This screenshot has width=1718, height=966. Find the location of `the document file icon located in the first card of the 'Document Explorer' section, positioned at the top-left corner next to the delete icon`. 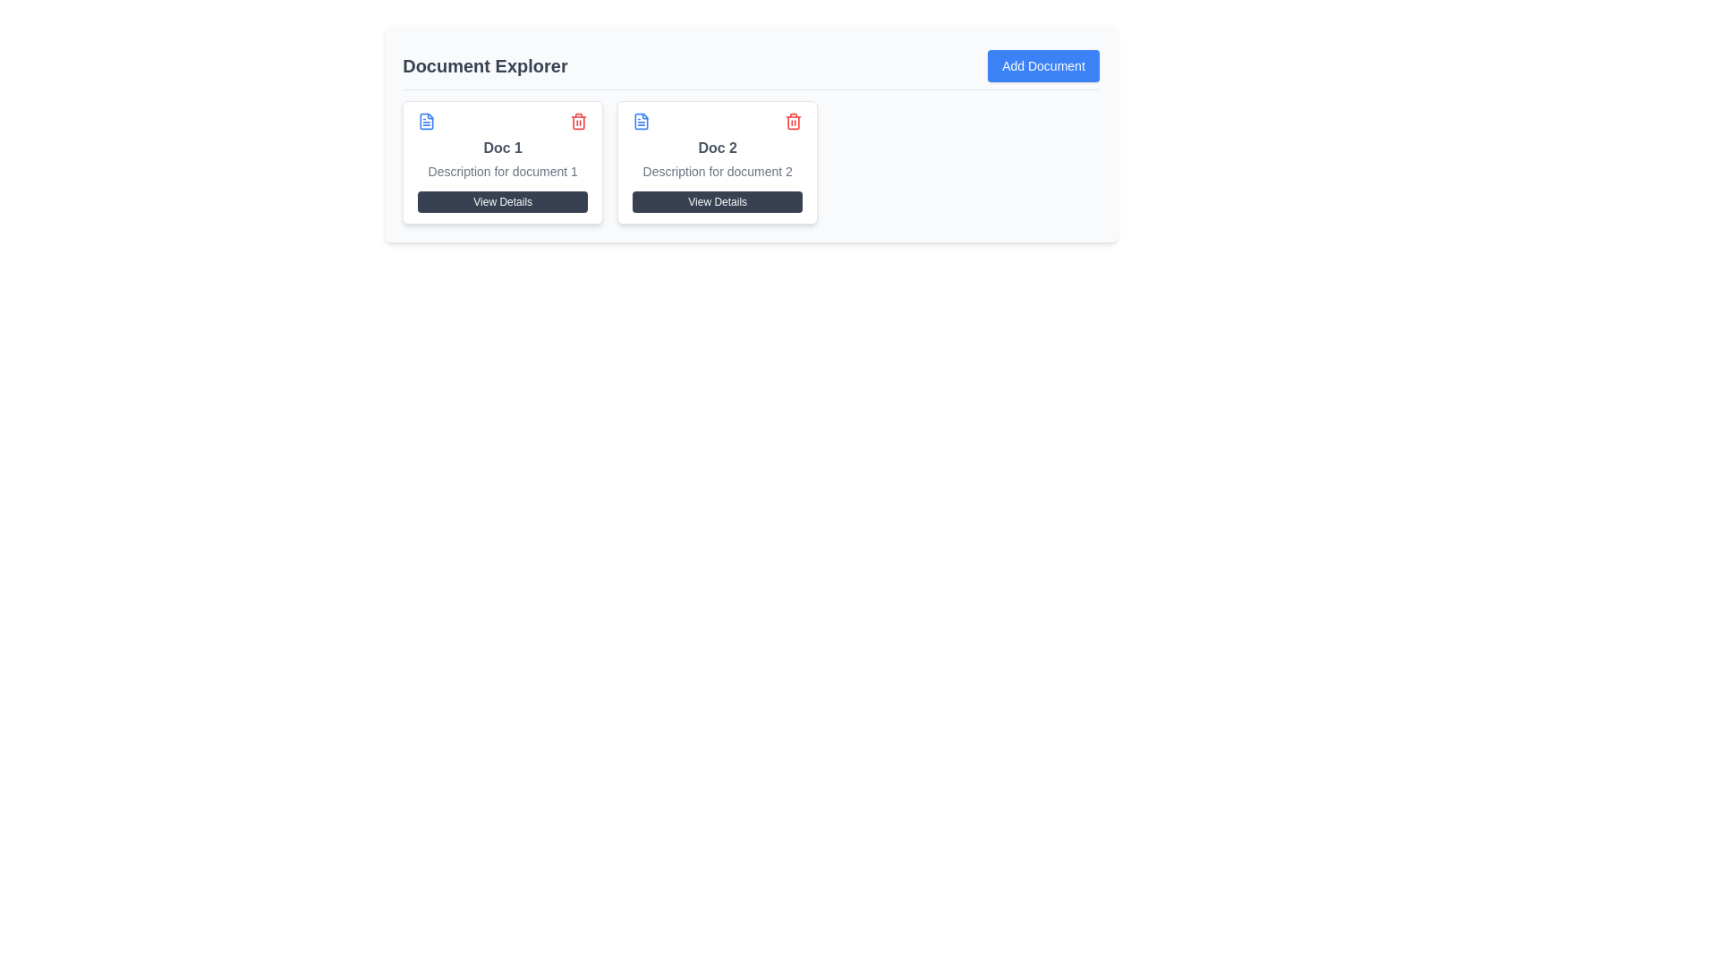

the document file icon located in the first card of the 'Document Explorer' section, positioned at the top-left corner next to the delete icon is located at coordinates (426, 121).